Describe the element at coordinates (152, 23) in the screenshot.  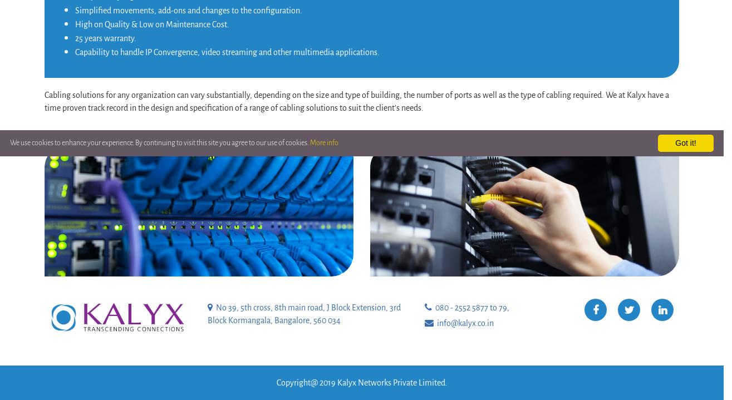
I see `'High on Quality & Low on Maintenance Cost.'` at that location.